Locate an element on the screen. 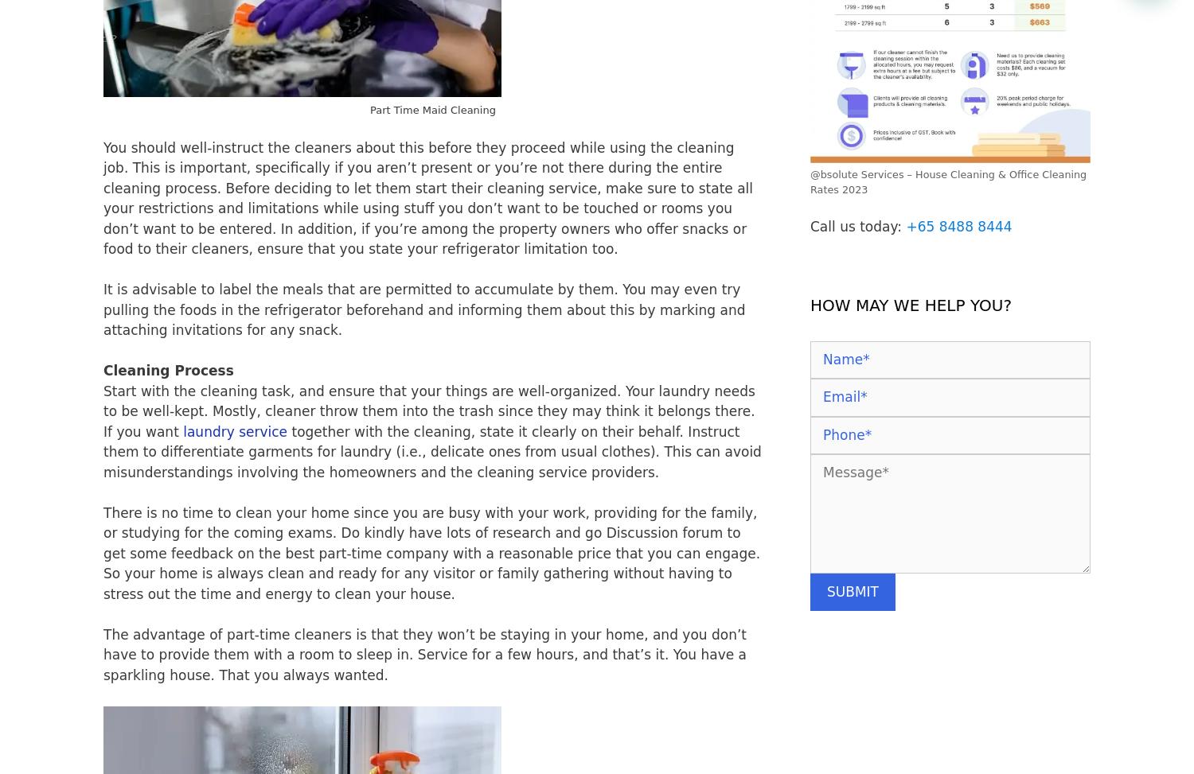  'Part Time Maid Cleaning' is located at coordinates (432, 108).